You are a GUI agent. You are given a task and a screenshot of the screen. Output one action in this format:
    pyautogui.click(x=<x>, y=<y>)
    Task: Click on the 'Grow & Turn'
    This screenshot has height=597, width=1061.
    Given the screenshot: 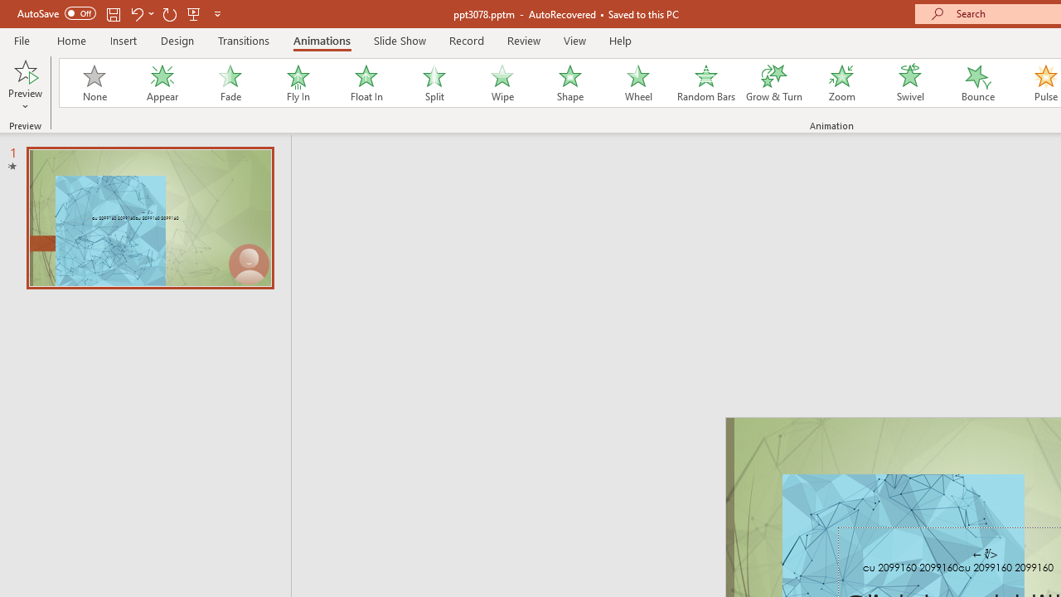 What is the action you would take?
    pyautogui.click(x=773, y=83)
    